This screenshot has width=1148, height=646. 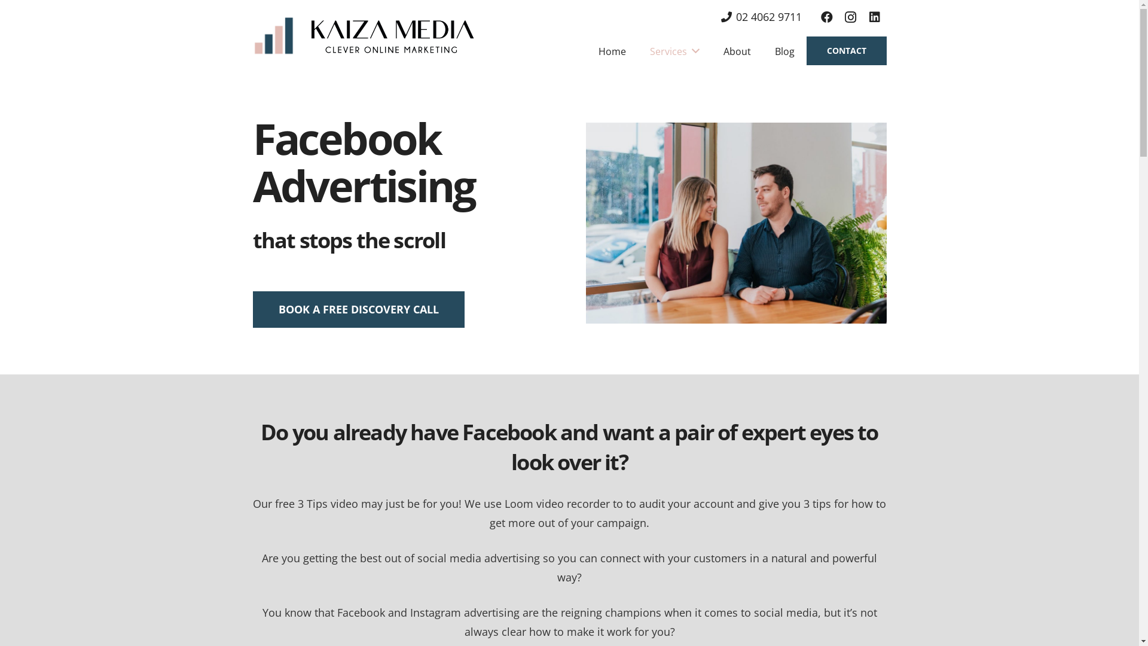 What do you see at coordinates (612, 50) in the screenshot?
I see `'Home'` at bounding box center [612, 50].